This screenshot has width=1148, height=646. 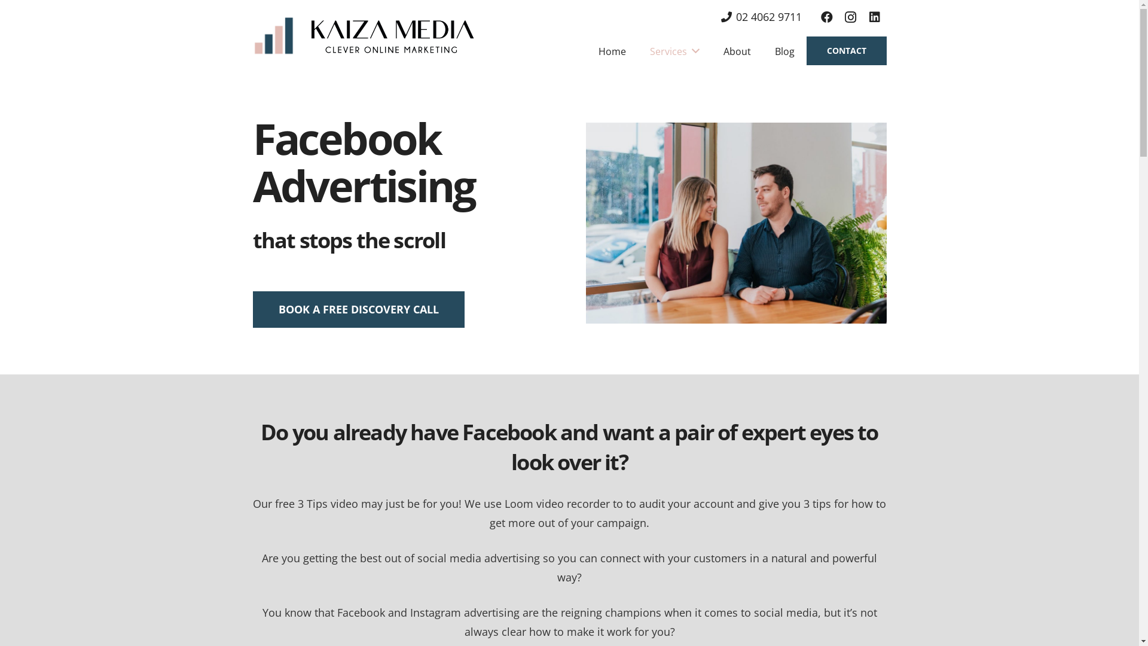 What do you see at coordinates (612, 50) in the screenshot?
I see `'Home'` at bounding box center [612, 50].